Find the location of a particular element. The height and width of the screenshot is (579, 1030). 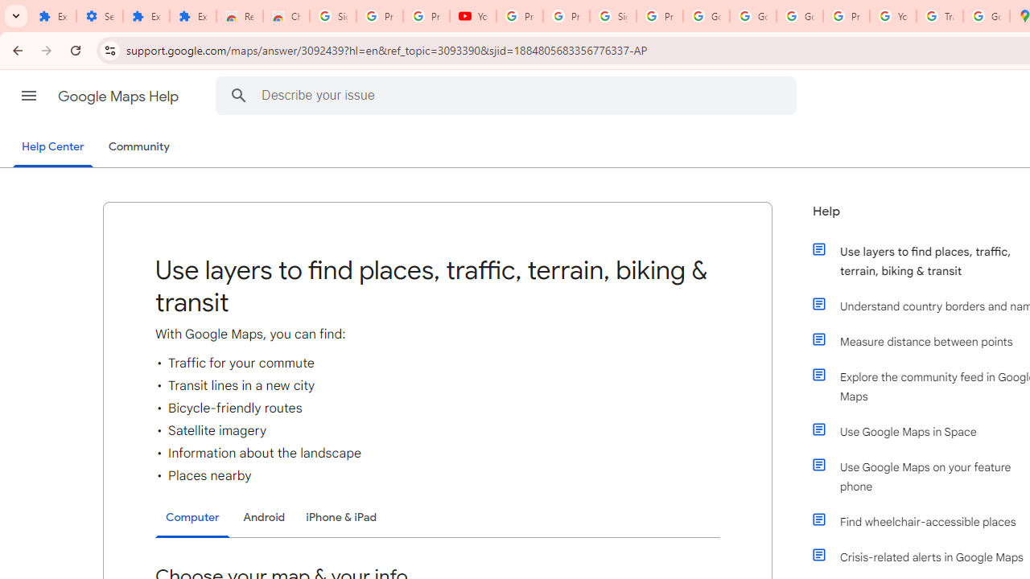

'Chrome Web Store - Themes' is located at coordinates (286, 16).